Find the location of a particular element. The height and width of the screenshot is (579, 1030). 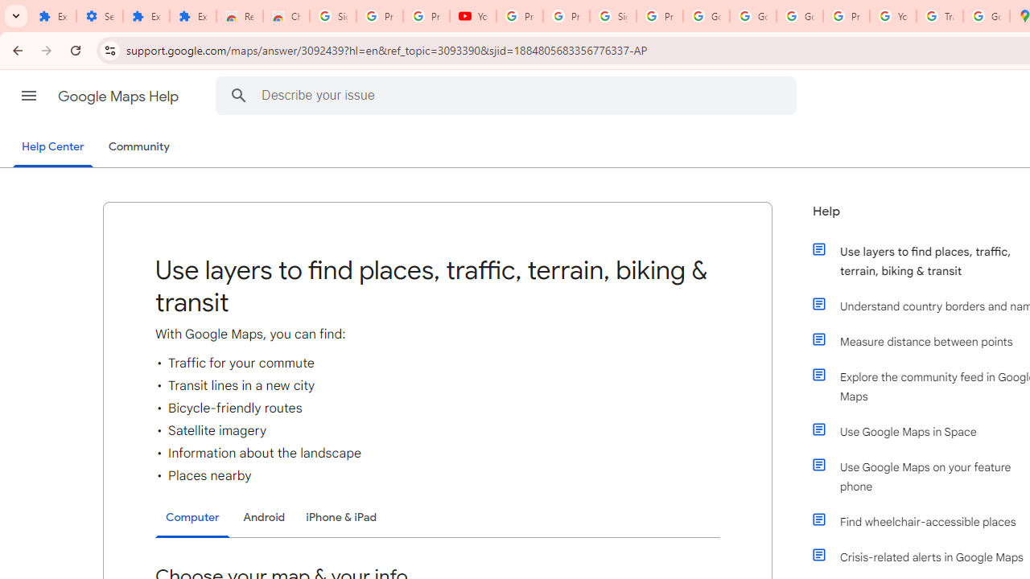

'Chrome Web Store - Themes' is located at coordinates (286, 16).